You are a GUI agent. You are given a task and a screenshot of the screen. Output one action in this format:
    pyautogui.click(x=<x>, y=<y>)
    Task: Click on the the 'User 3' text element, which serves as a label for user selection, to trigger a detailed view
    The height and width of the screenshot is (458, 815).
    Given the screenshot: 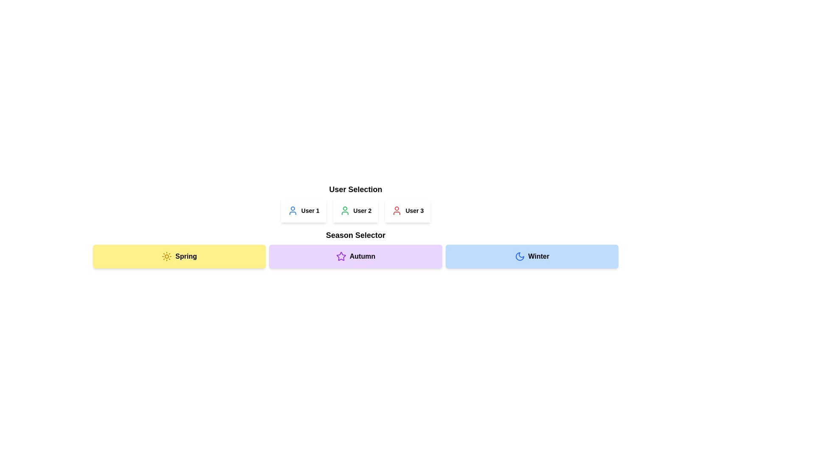 What is the action you would take?
    pyautogui.click(x=414, y=210)
    